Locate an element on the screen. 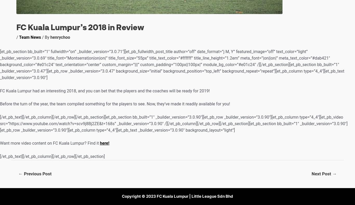  'Team News' is located at coordinates (30, 37).